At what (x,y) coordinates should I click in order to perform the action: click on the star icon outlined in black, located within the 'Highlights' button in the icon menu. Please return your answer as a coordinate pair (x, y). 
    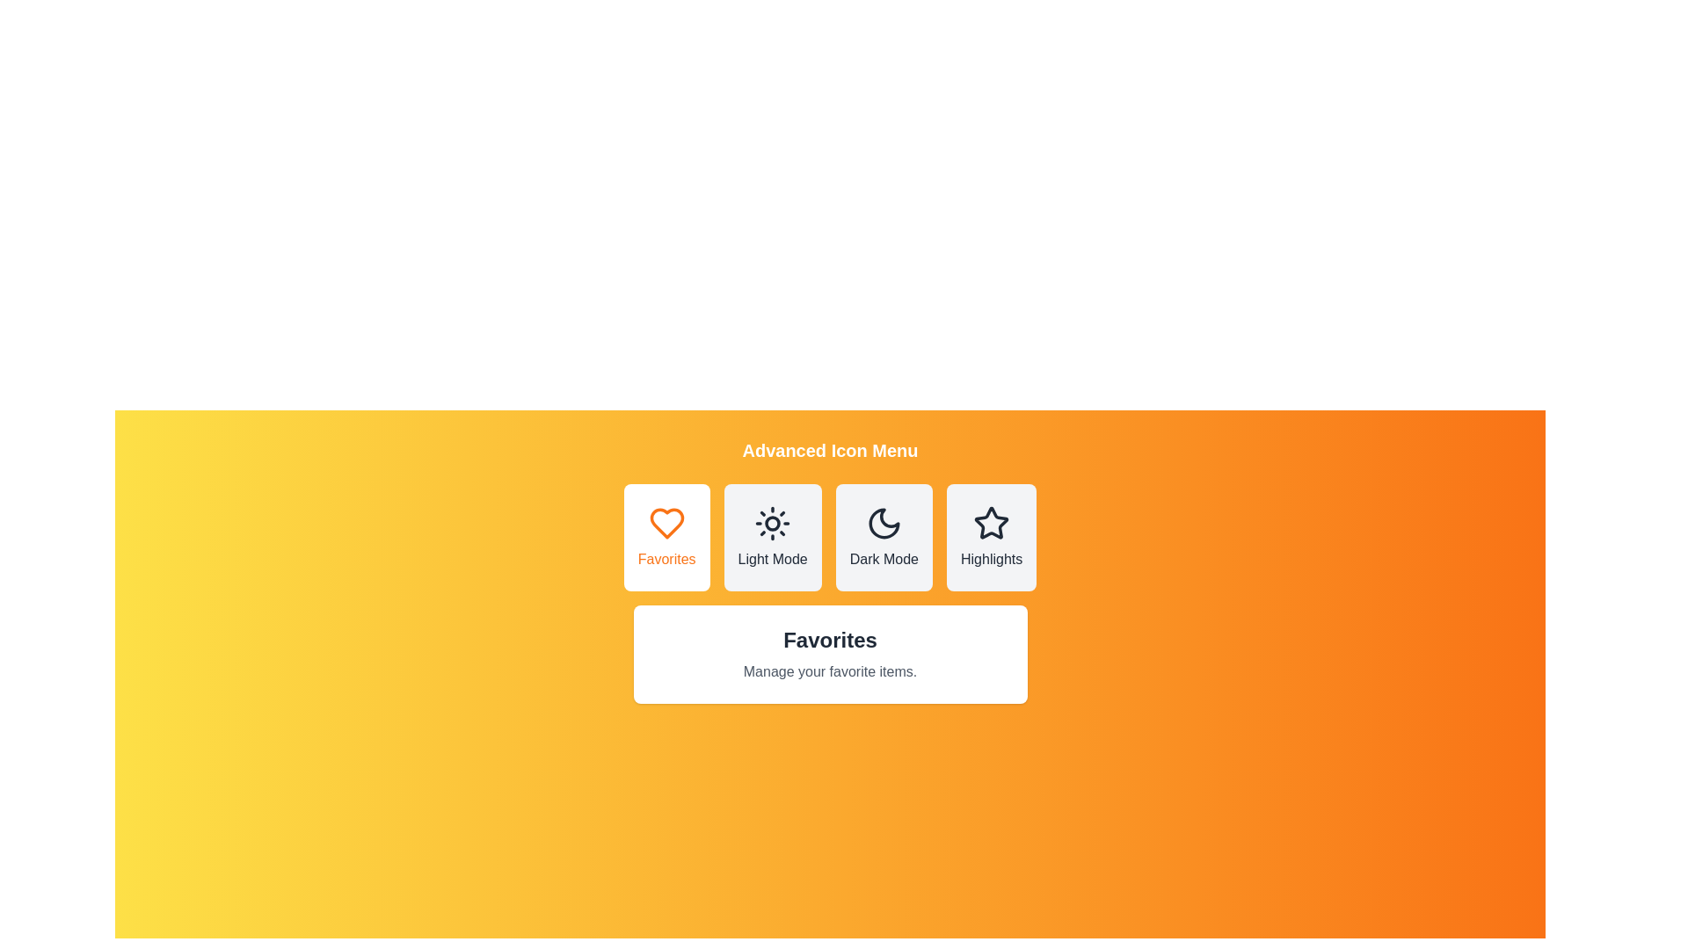
    Looking at the image, I should click on (992, 521).